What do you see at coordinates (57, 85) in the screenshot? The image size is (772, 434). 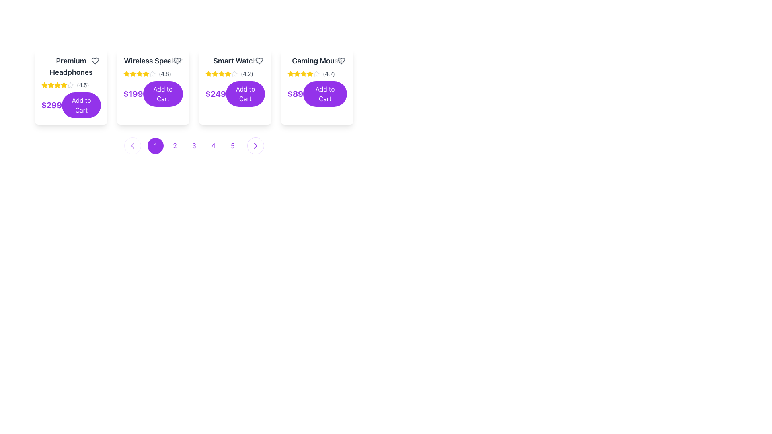 I see `the fifth star in the rating display for the 'Premium Headphones' product card` at bounding box center [57, 85].